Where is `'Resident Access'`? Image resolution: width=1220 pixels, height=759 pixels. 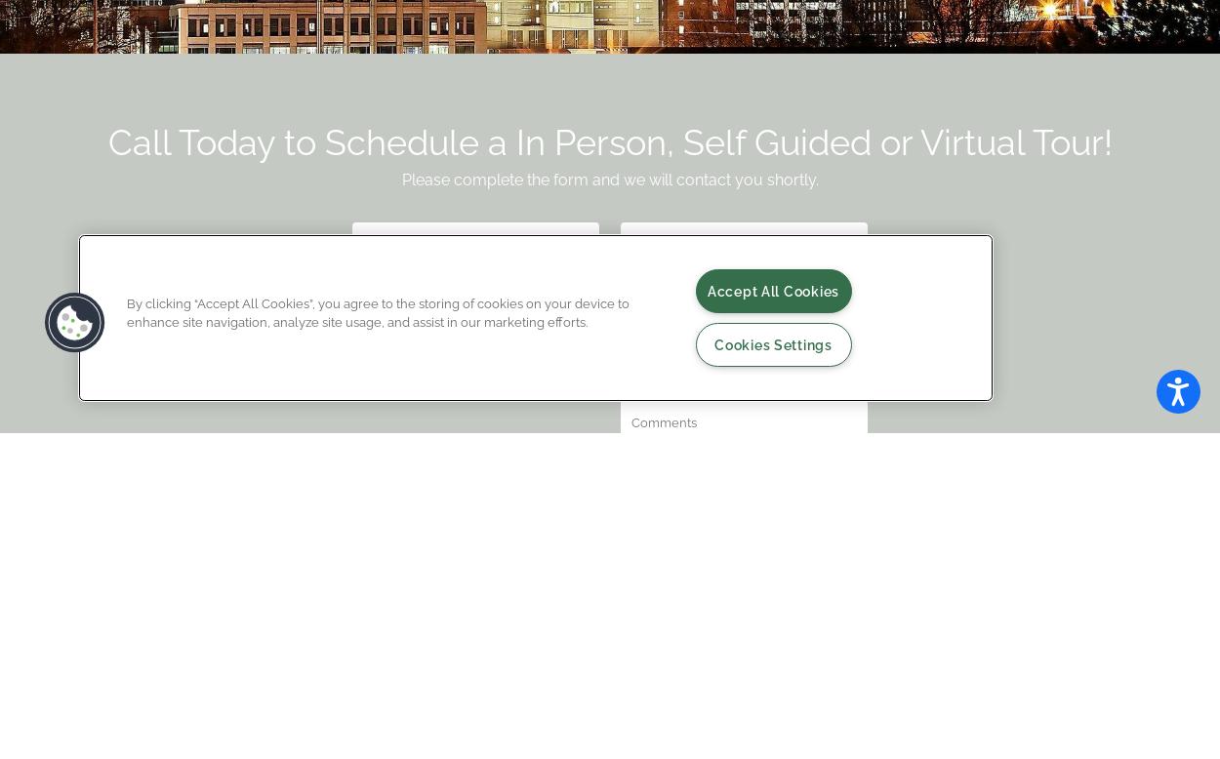 'Resident Access' is located at coordinates (295, 669).